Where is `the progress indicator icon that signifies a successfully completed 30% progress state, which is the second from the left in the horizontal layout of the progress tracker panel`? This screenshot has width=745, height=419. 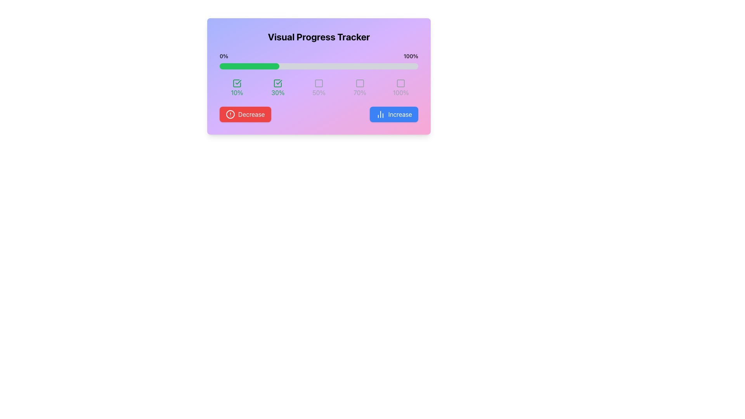
the progress indicator icon that signifies a successfully completed 30% progress state, which is the second from the left in the horizontal layout of the progress tracker panel is located at coordinates (279, 82).